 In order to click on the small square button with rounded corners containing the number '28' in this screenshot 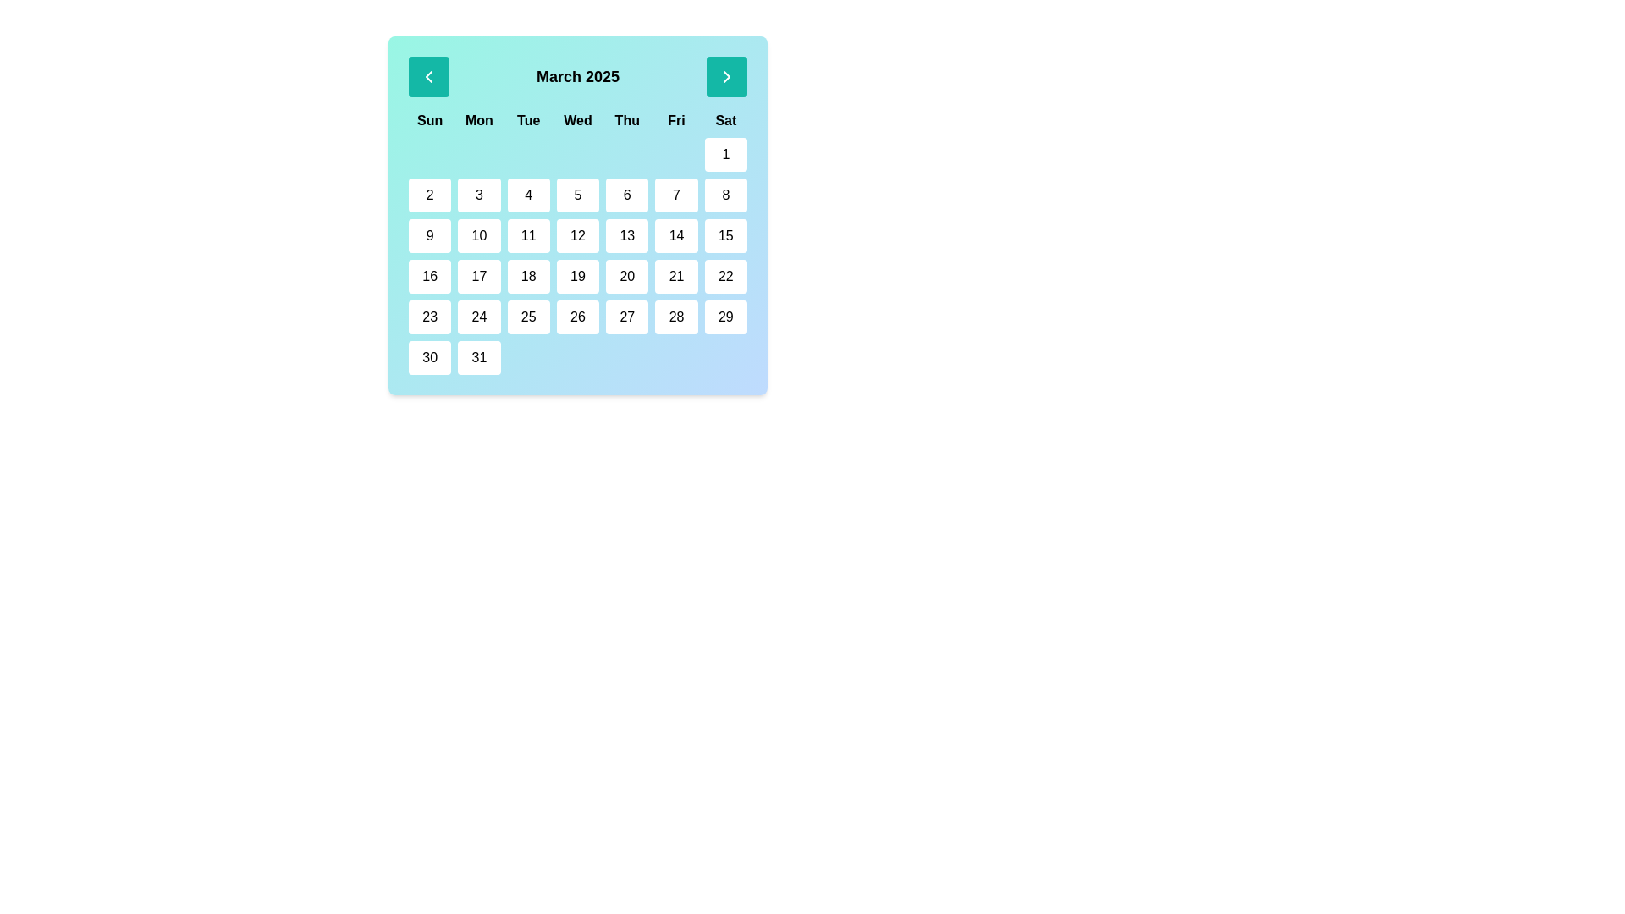, I will do `click(675, 317)`.